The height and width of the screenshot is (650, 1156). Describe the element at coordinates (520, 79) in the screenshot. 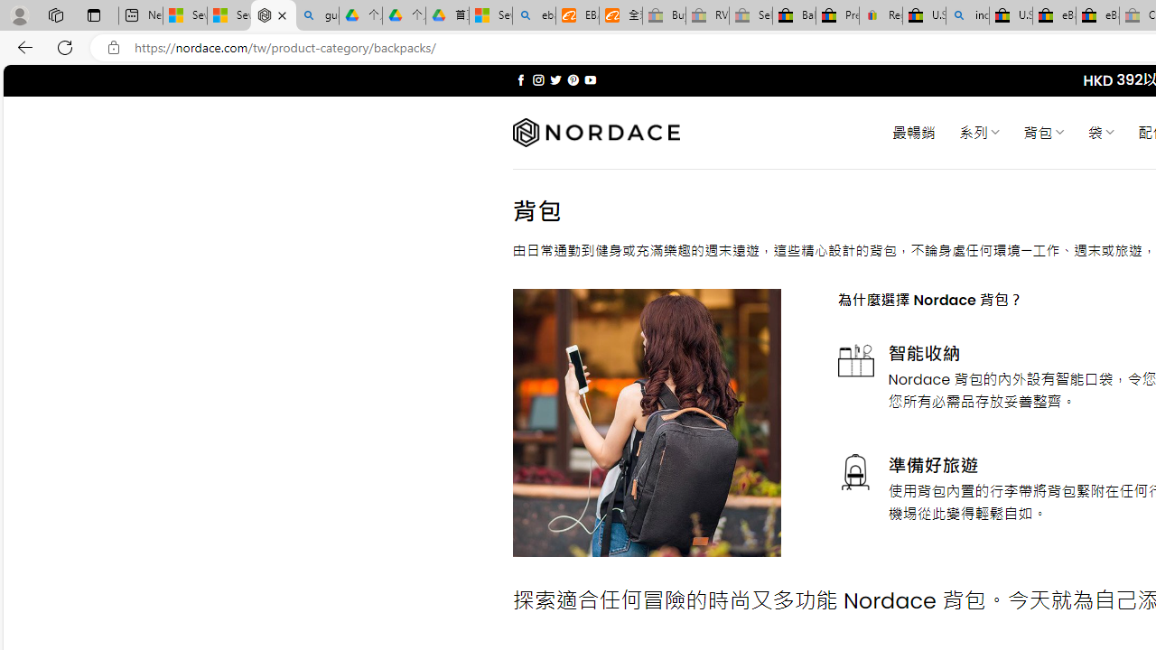

I see `'Follow on Facebook'` at that location.